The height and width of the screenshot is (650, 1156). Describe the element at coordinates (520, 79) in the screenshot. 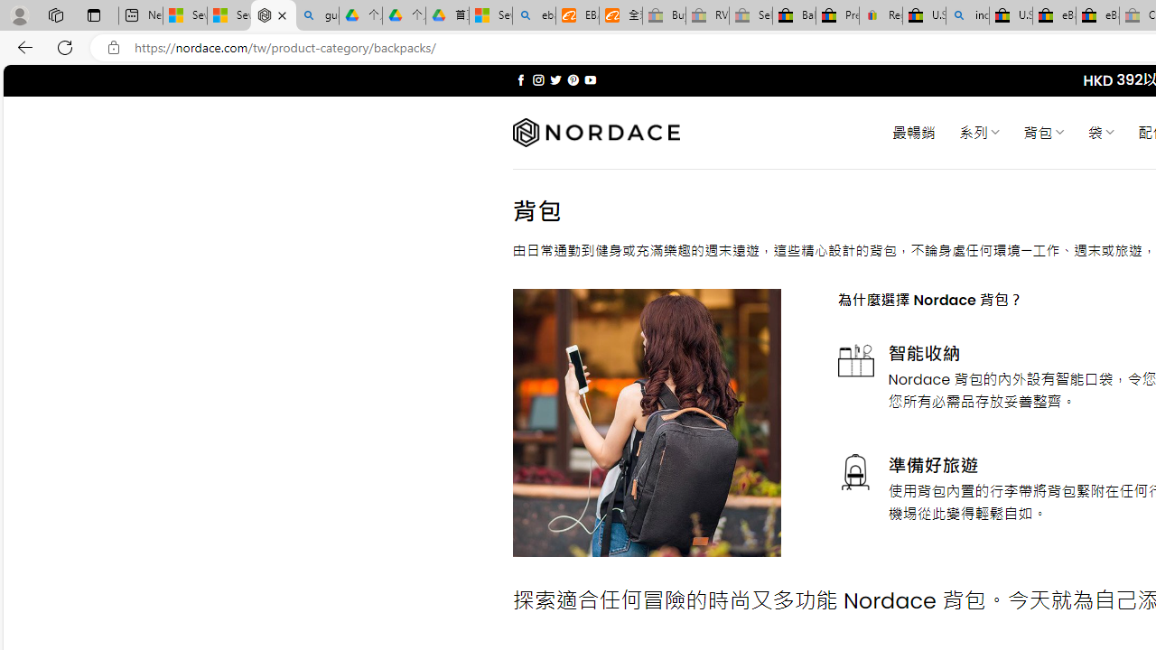

I see `'Follow on Facebook'` at that location.